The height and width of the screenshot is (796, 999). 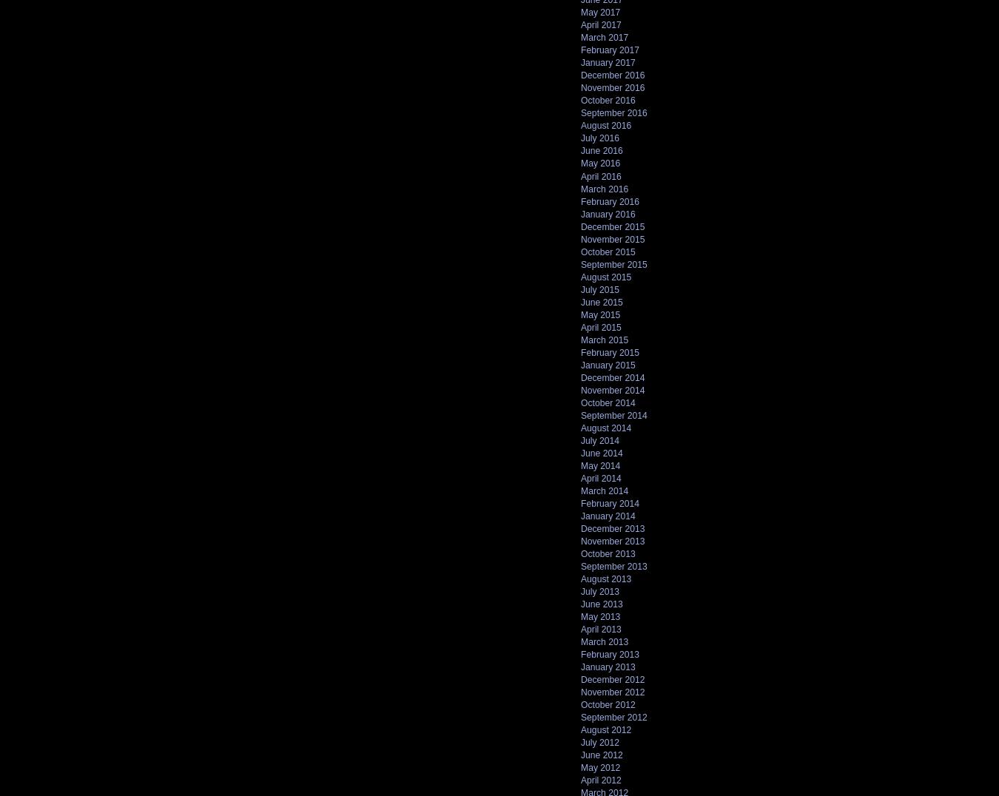 What do you see at coordinates (580, 742) in the screenshot?
I see `'July 2012'` at bounding box center [580, 742].